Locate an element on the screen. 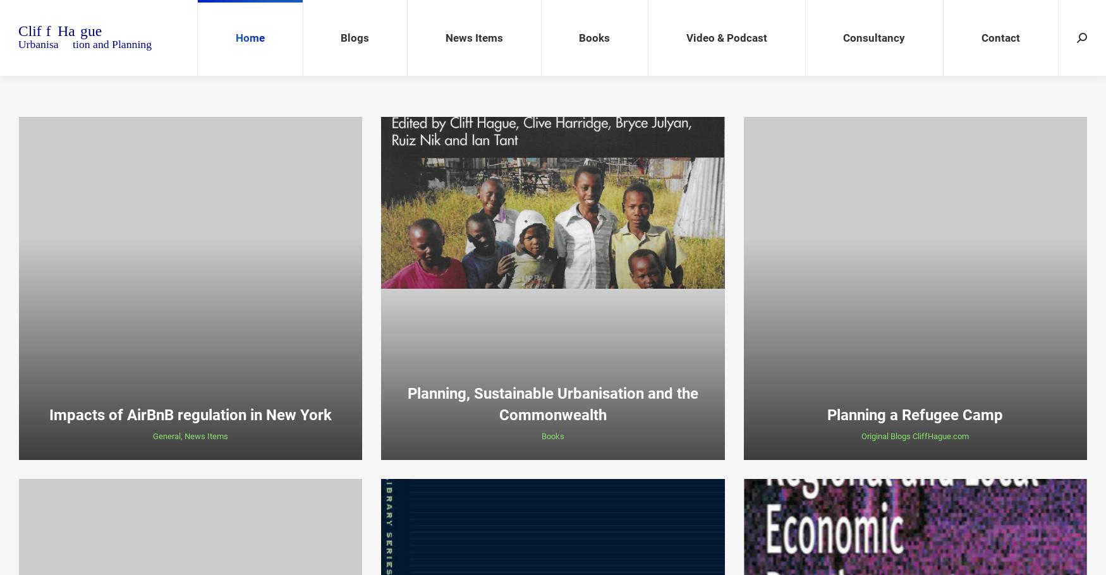 The height and width of the screenshot is (575, 1106). 'Flashback to Cliff Hague’s Planning Magazine Columns' is located at coordinates (370, 178).